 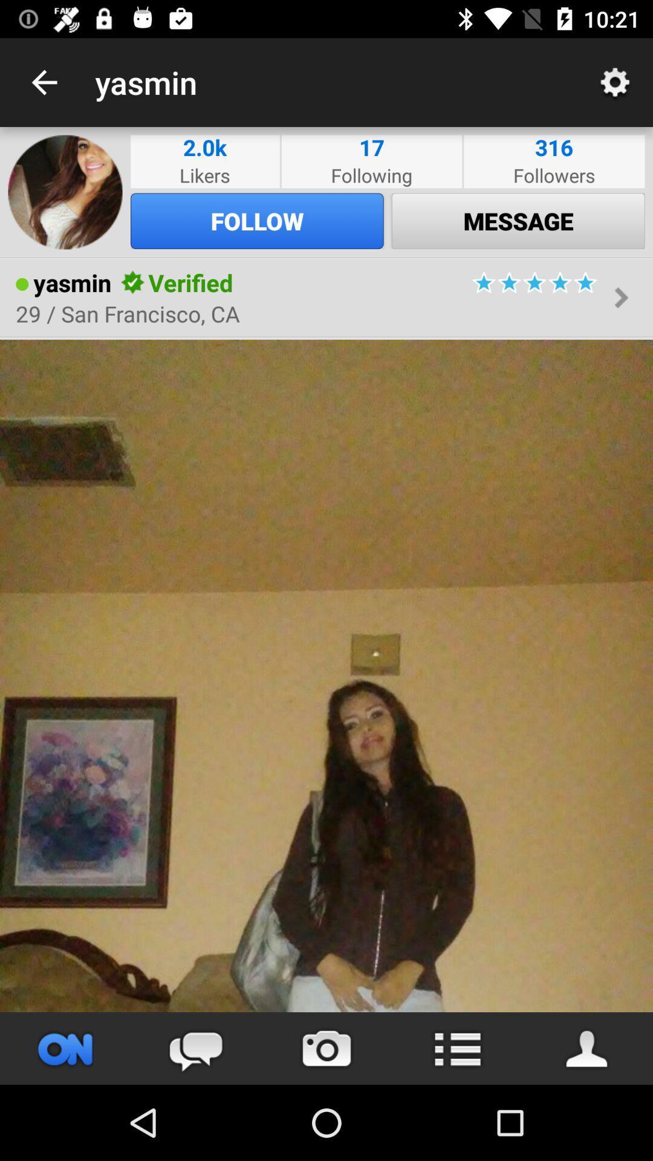 What do you see at coordinates (554, 174) in the screenshot?
I see `the followers` at bounding box center [554, 174].